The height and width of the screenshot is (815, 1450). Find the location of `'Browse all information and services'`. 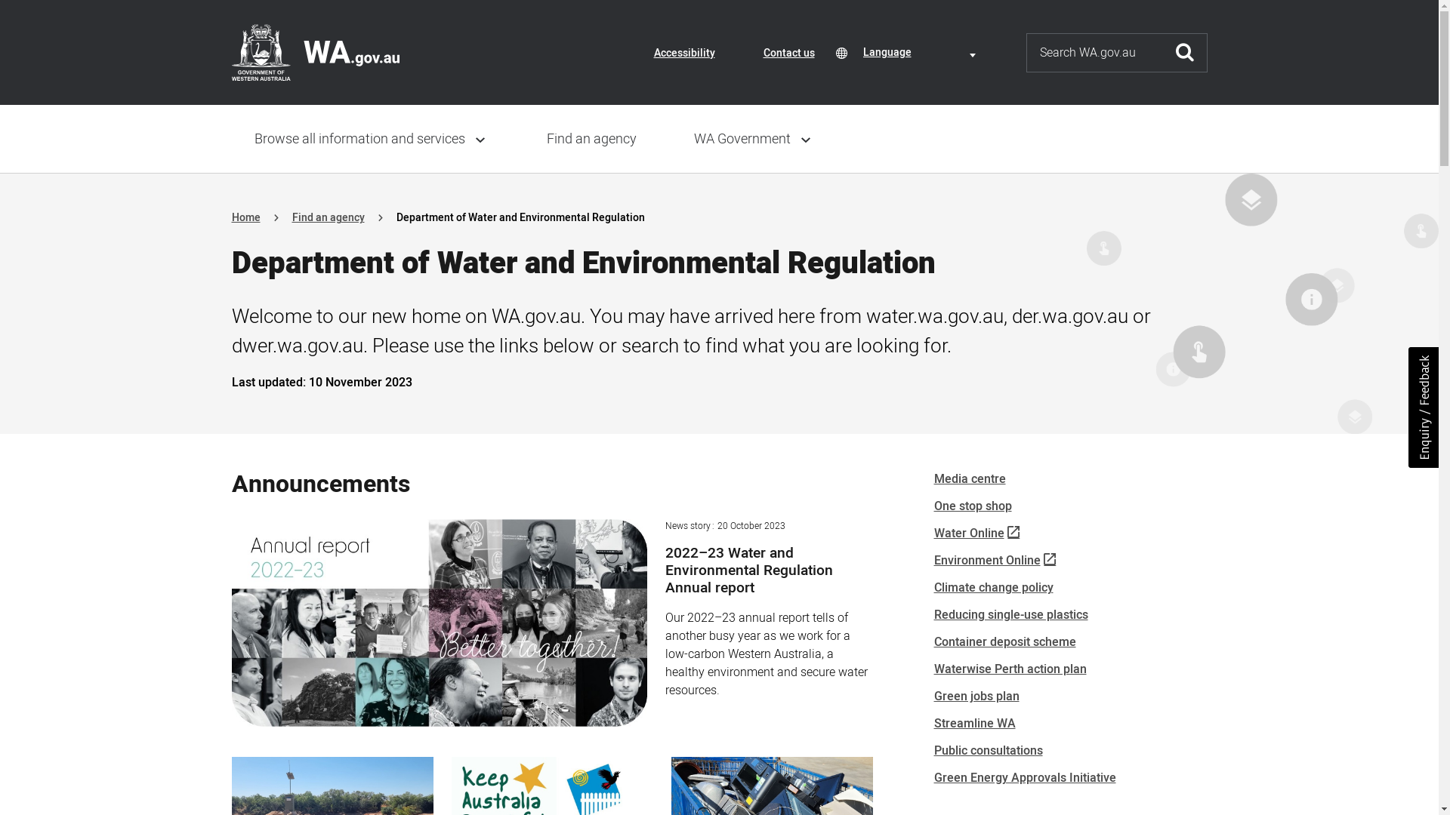

'Browse all information and services' is located at coordinates (371, 139).